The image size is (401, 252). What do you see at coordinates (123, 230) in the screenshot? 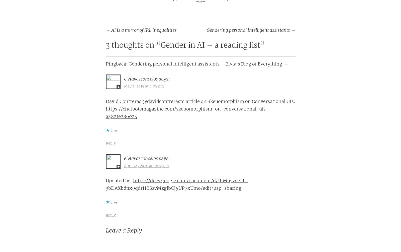
I see `'Leave a Reply'` at bounding box center [123, 230].